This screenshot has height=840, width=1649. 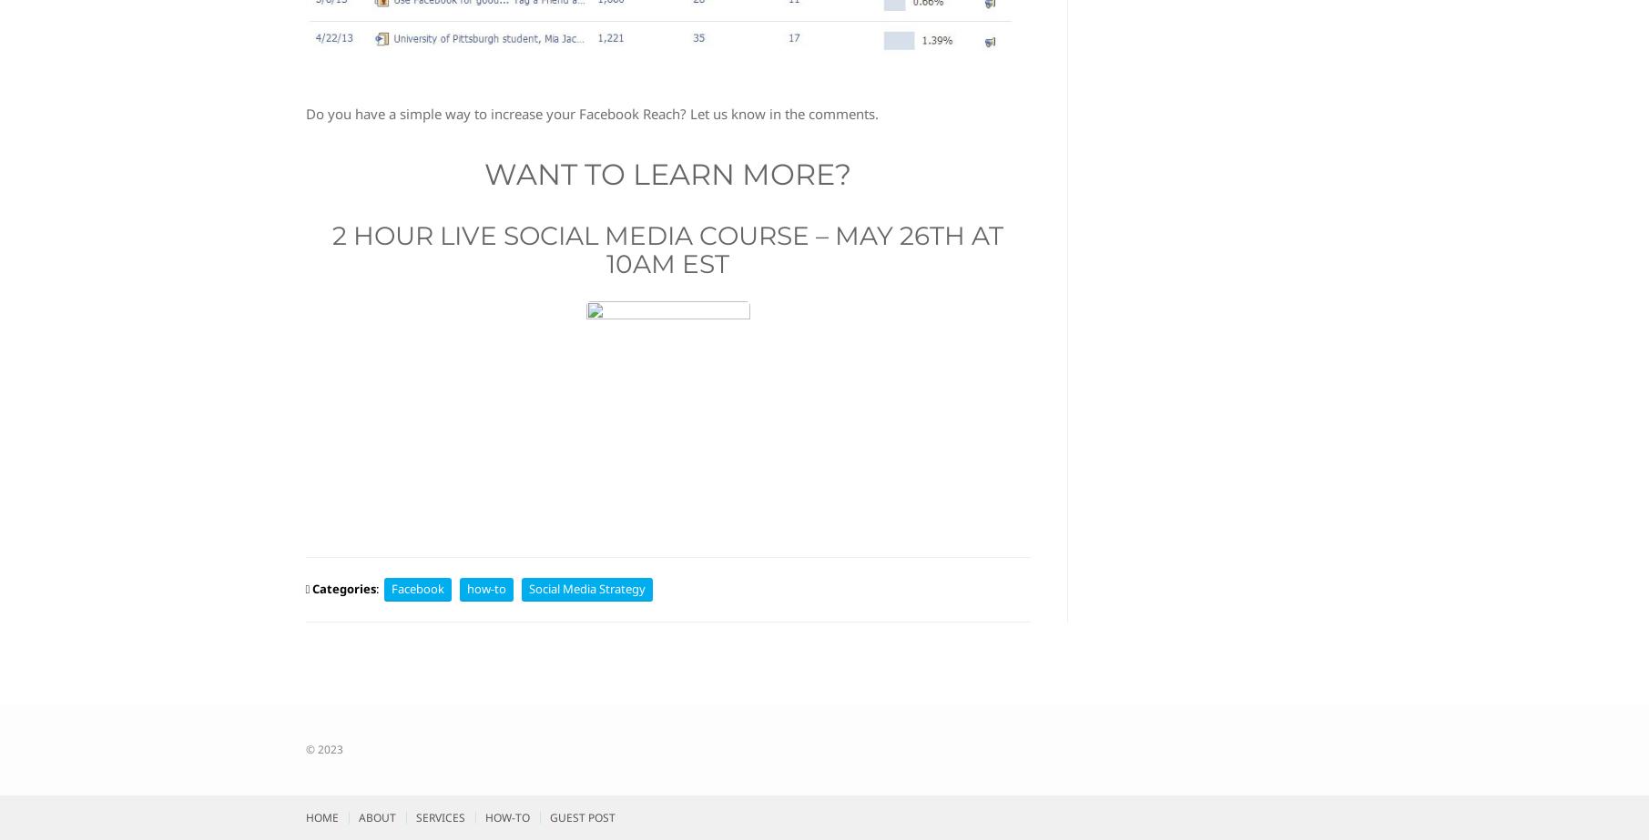 I want to click on 'Want to Learn More?', so click(x=667, y=173).